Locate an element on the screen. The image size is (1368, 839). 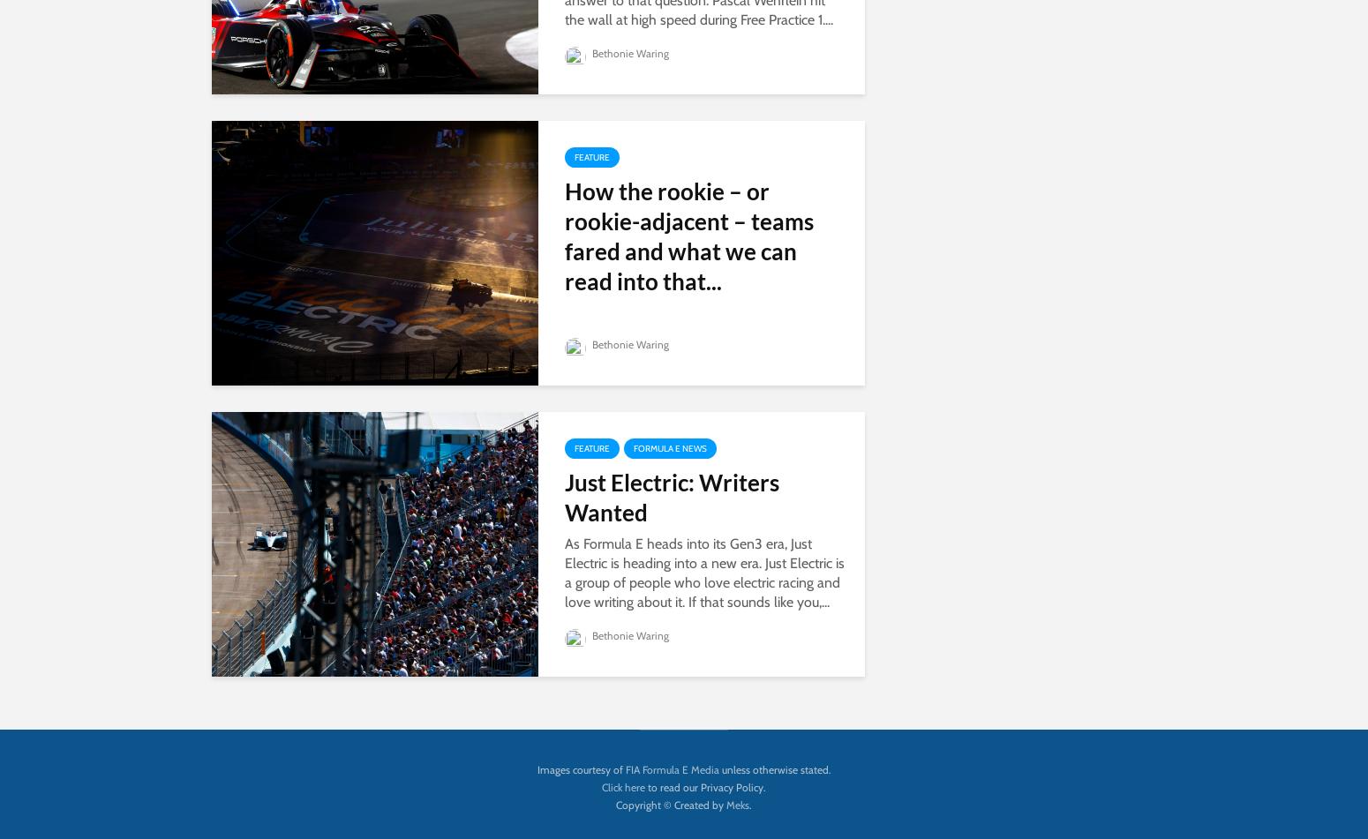
'Formula E News' is located at coordinates (670, 446).